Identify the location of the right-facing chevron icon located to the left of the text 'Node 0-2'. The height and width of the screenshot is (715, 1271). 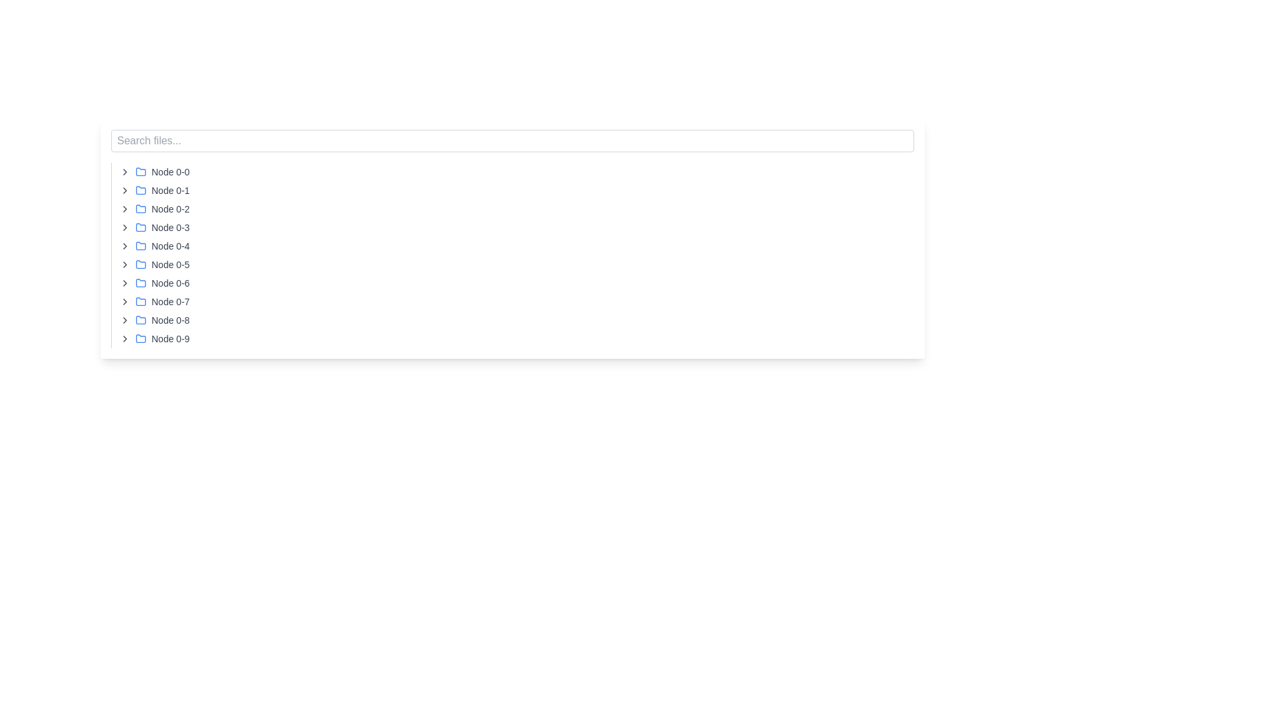
(124, 209).